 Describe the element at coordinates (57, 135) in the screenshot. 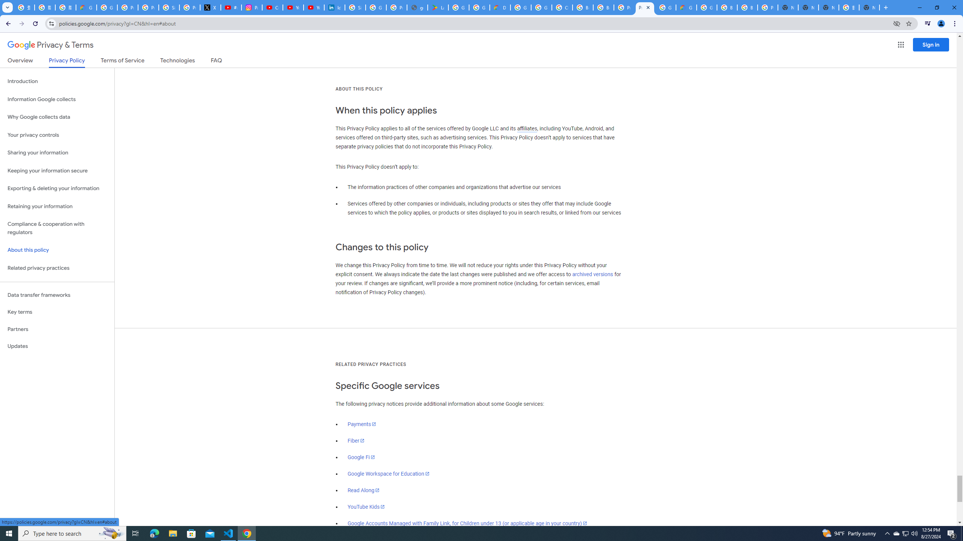

I see `'Your privacy controls'` at that location.